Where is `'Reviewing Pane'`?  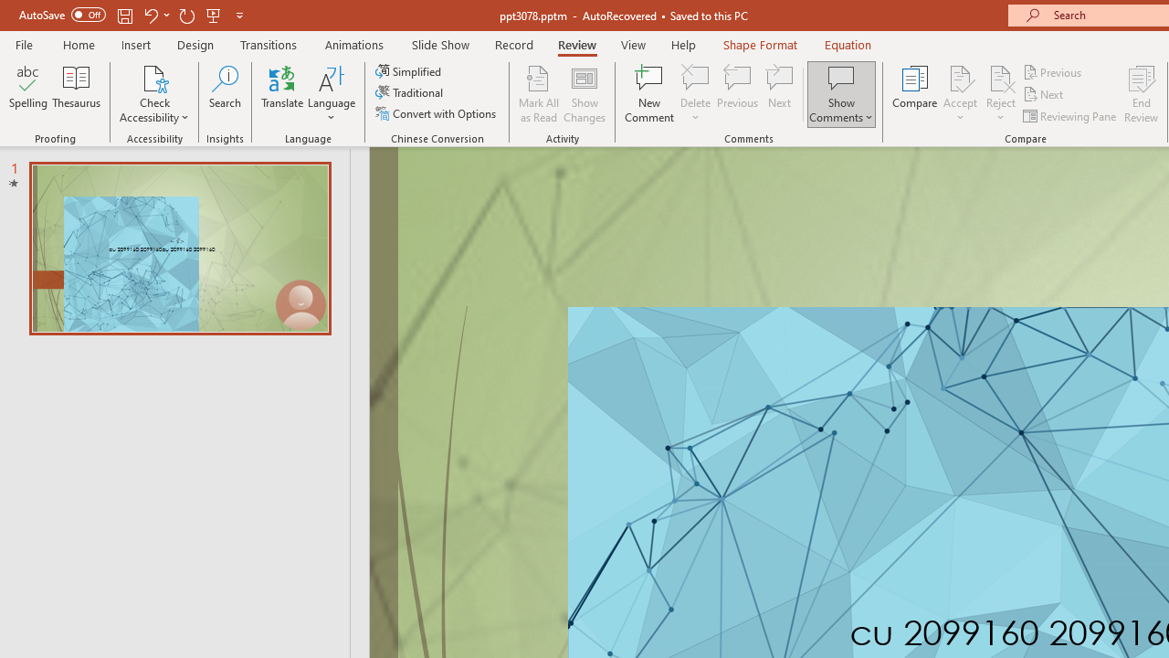 'Reviewing Pane' is located at coordinates (1071, 116).